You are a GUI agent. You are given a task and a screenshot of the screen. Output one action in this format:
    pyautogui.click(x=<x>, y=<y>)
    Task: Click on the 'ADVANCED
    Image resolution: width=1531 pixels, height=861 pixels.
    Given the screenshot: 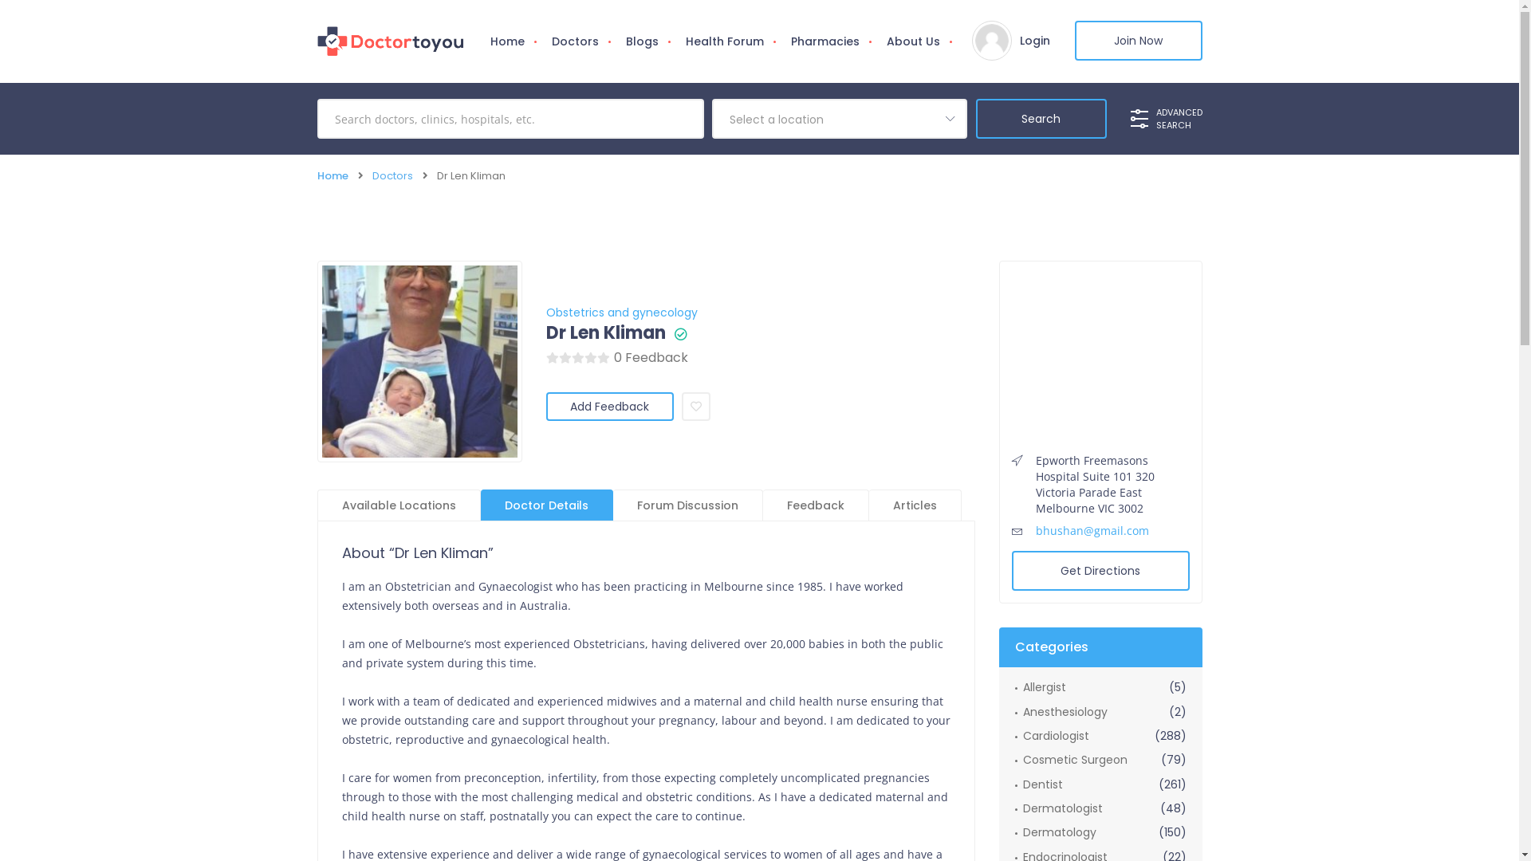 What is the action you would take?
    pyautogui.click(x=1129, y=118)
    